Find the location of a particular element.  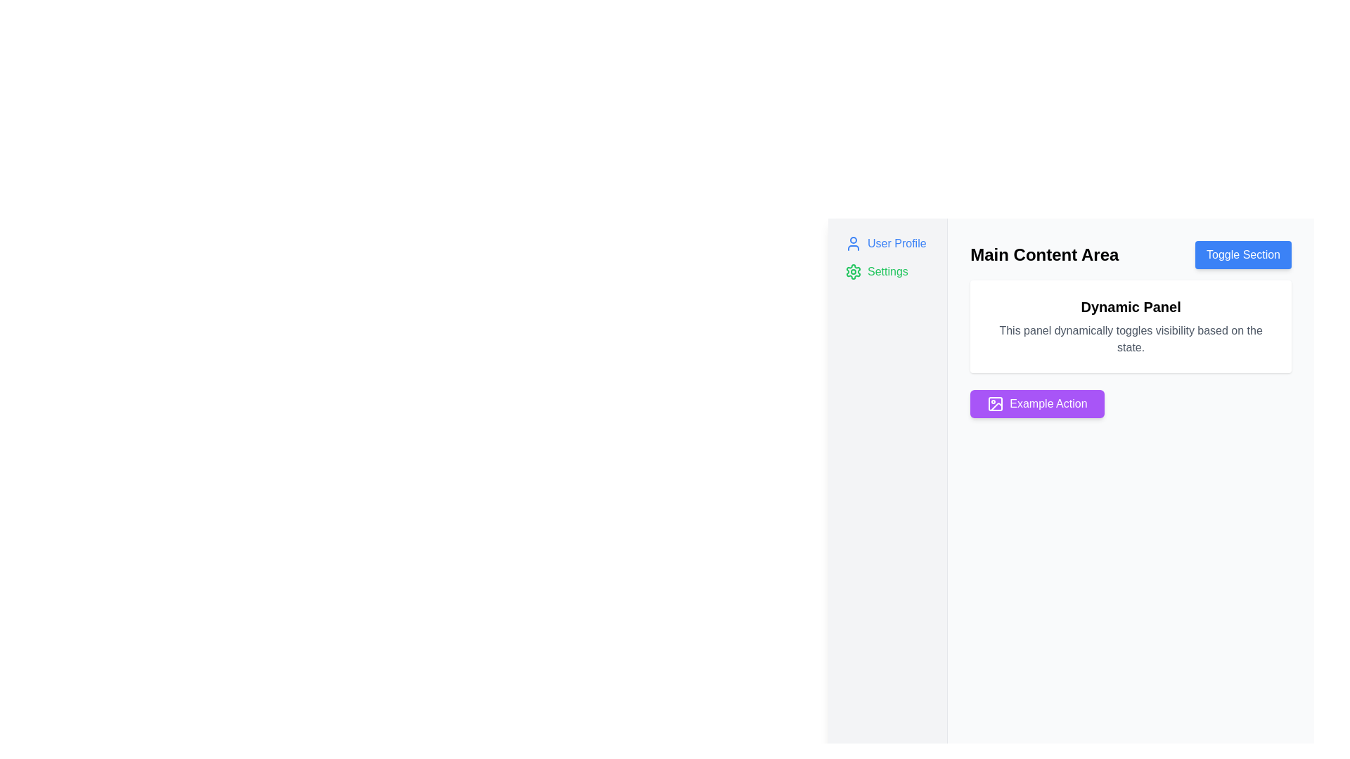

the gear-shaped icon styled in light green, located to the left of the 'Settings' text in the side navigation panel is located at coordinates (853, 271).